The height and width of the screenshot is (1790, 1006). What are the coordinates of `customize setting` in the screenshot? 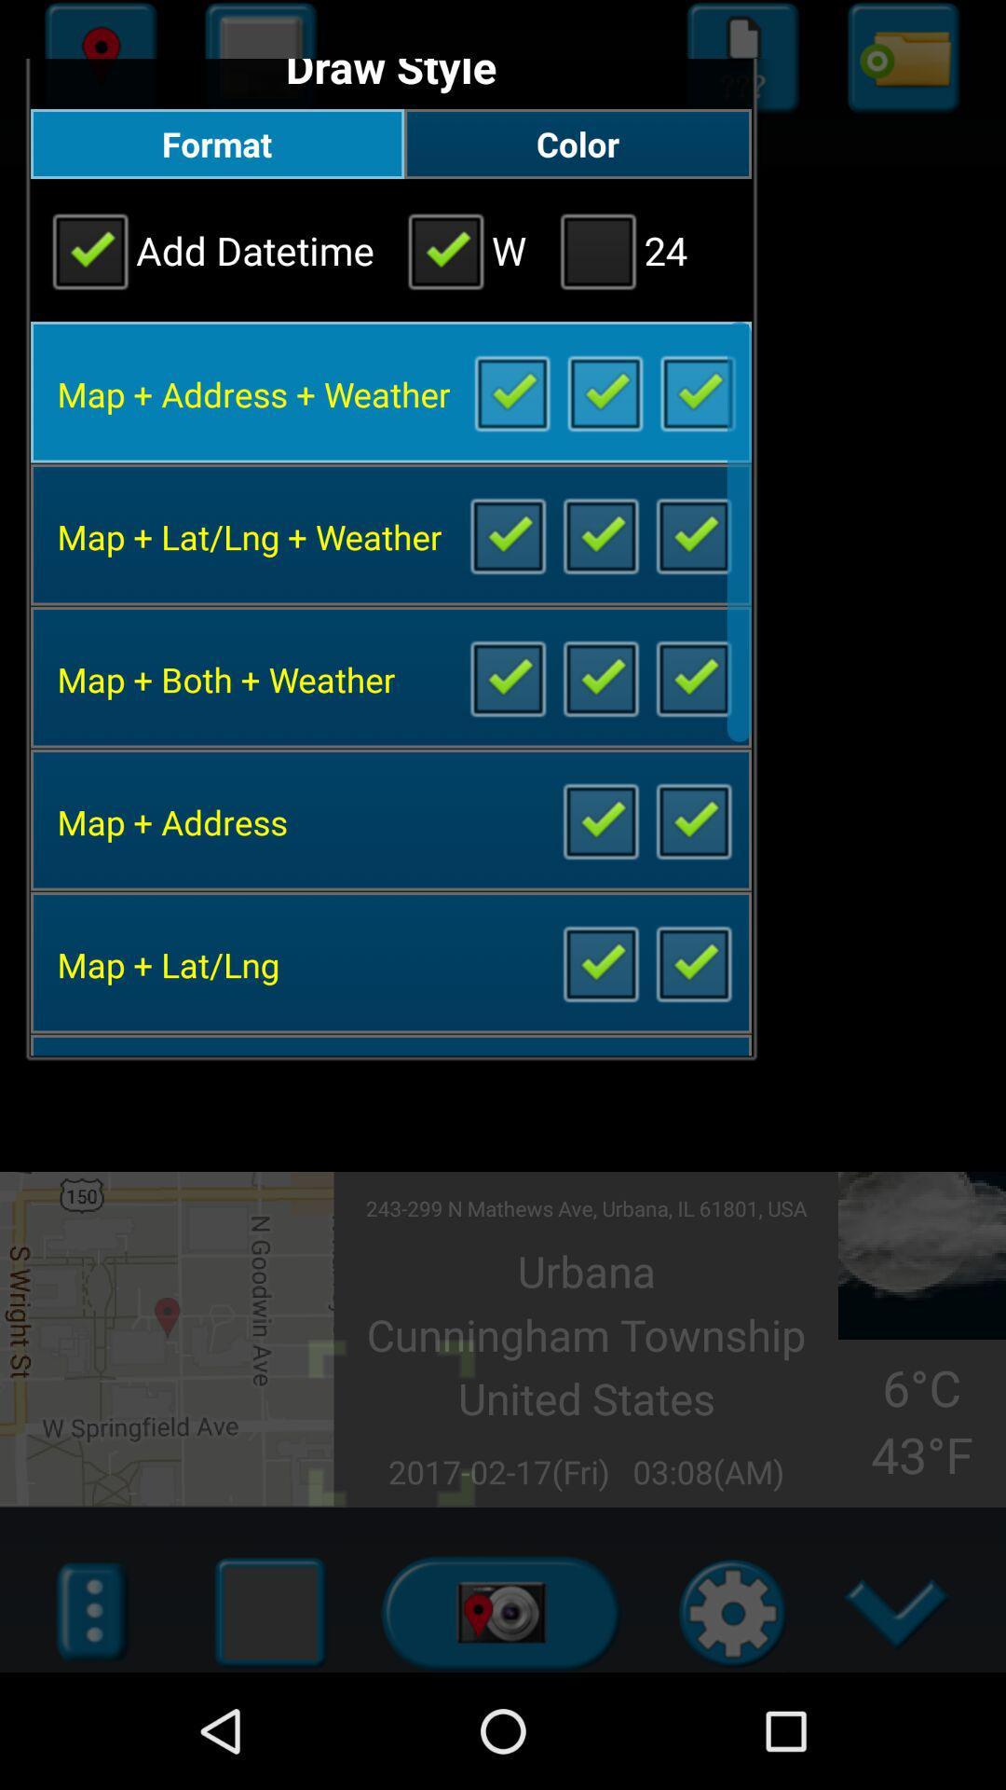 It's located at (600, 533).